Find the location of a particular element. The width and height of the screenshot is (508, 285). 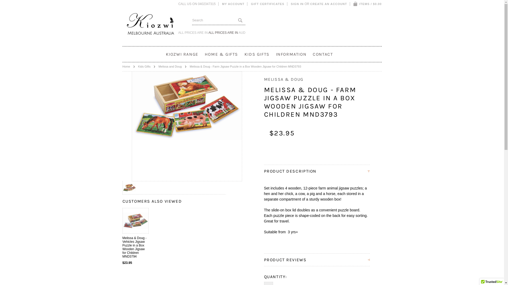

'INFORMATION' is located at coordinates (291, 54).